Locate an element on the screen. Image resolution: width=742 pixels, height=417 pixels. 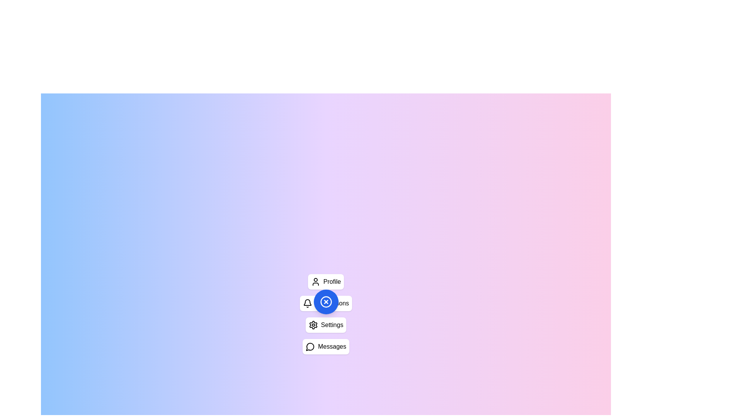
central blue button to toggle the speed dial menu is located at coordinates (326, 302).